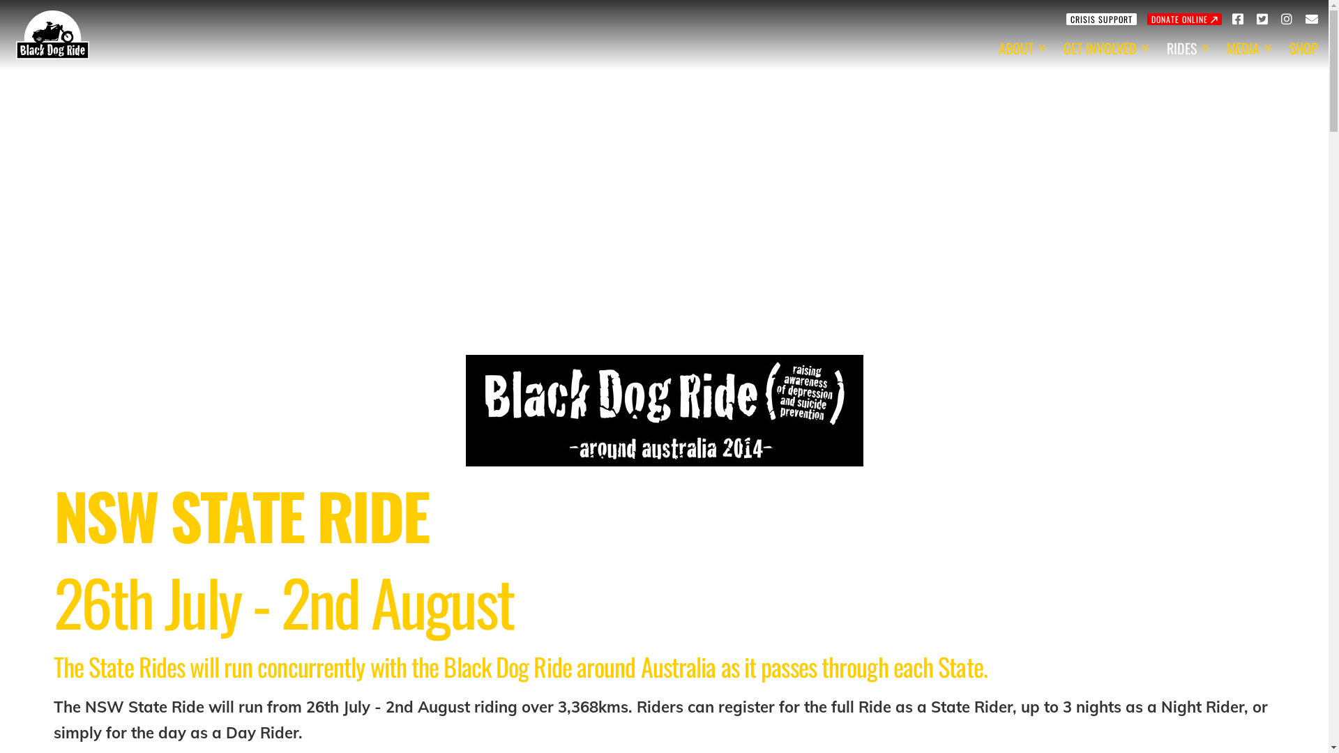  Describe the element at coordinates (1185, 47) in the screenshot. I see `'RIDES'` at that location.